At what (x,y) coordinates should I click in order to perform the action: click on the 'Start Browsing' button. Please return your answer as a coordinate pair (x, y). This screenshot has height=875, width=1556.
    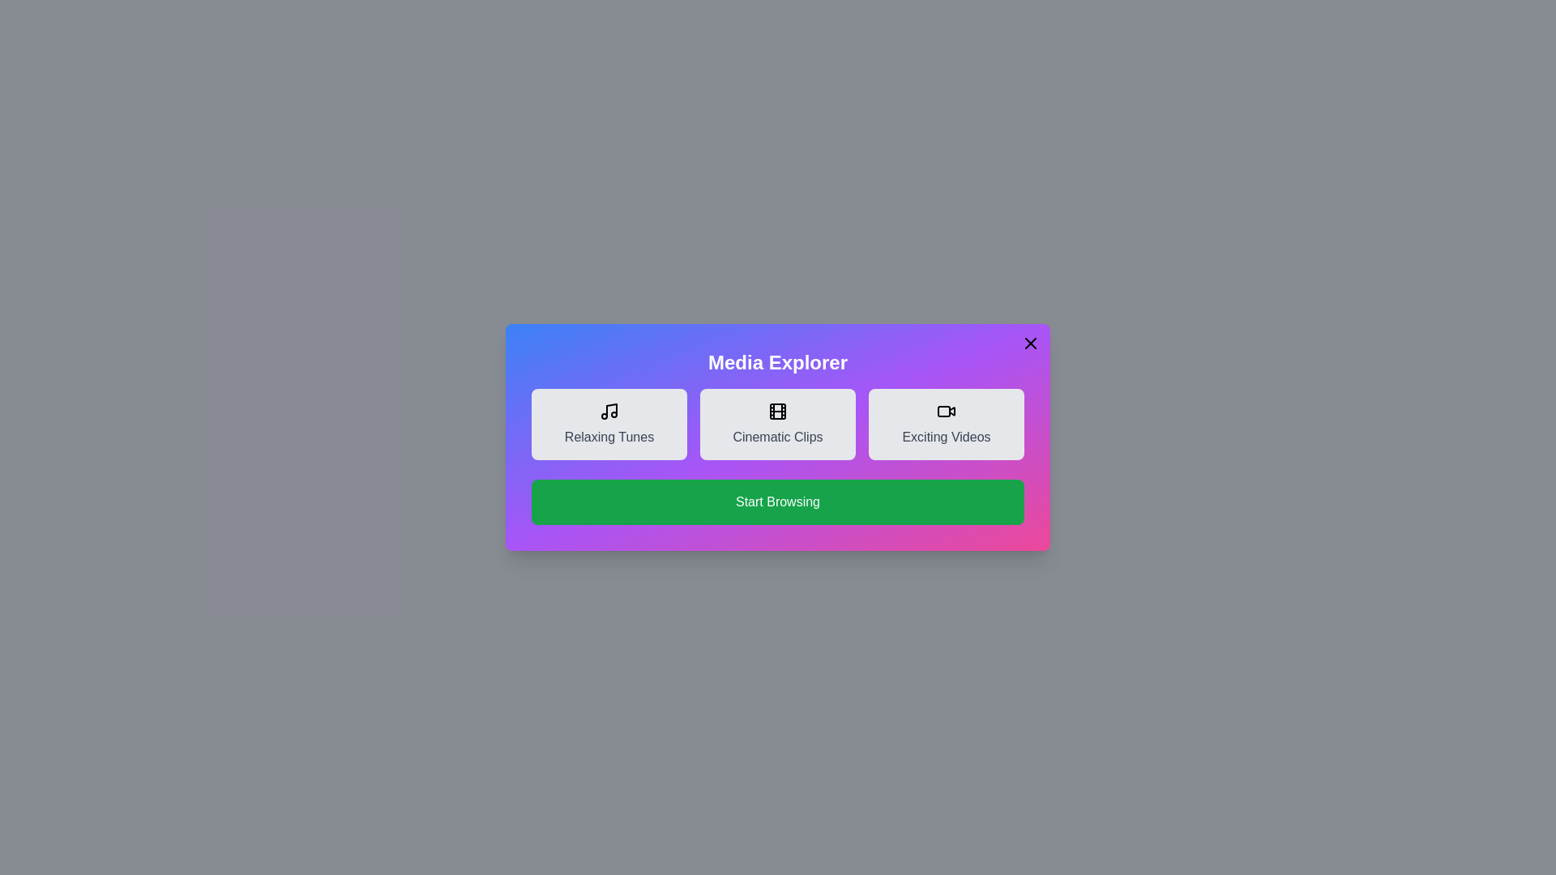
    Looking at the image, I should click on (778, 502).